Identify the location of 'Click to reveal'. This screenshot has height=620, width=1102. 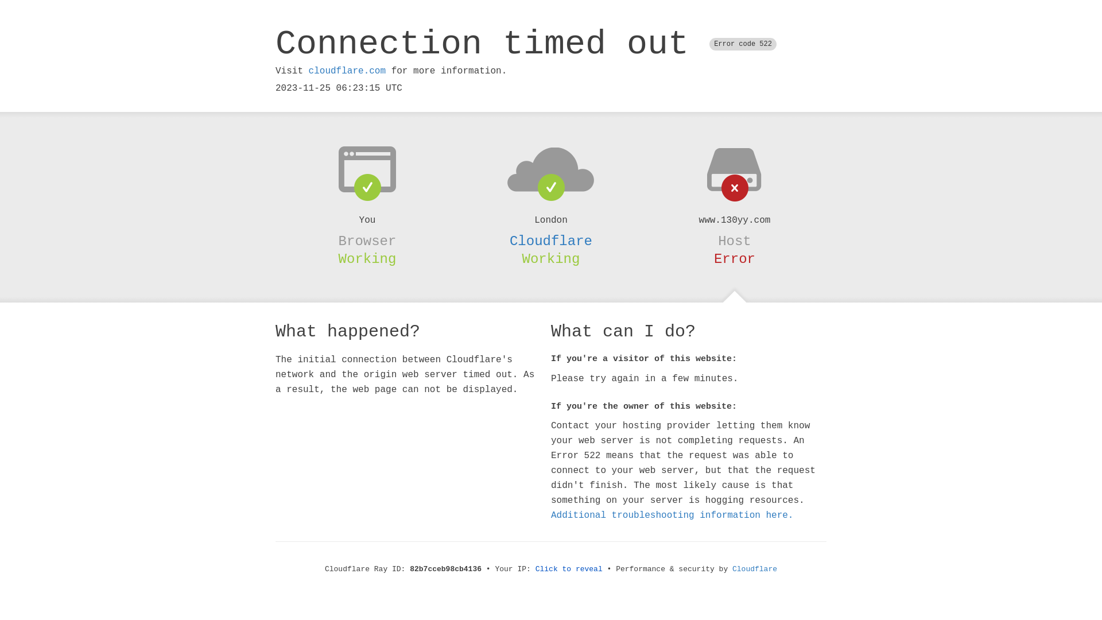
(569, 569).